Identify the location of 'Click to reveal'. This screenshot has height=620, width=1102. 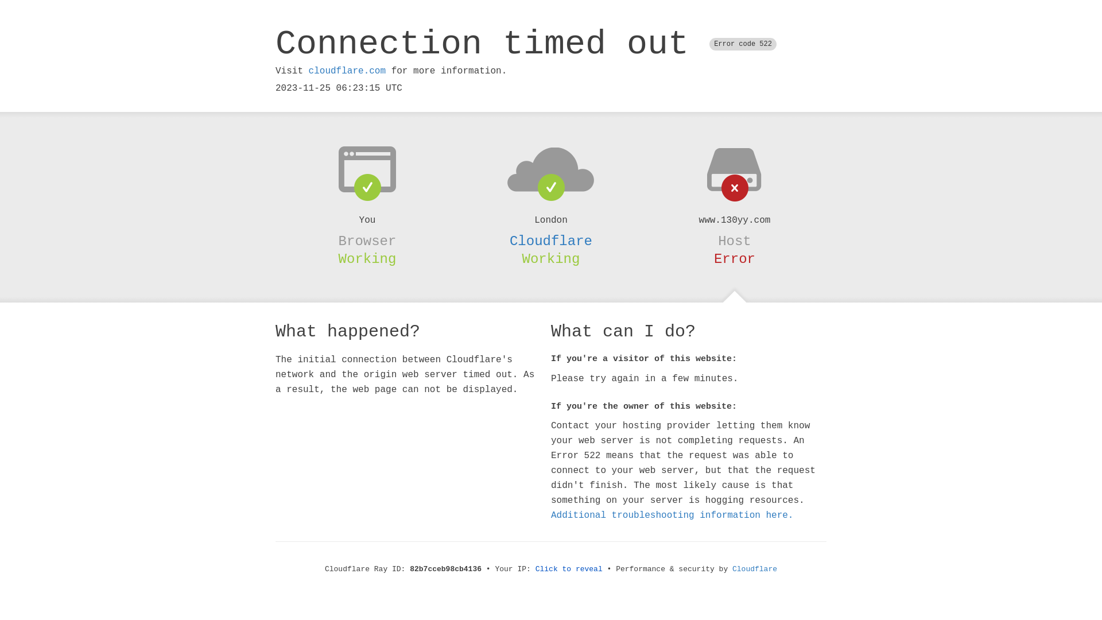
(569, 569).